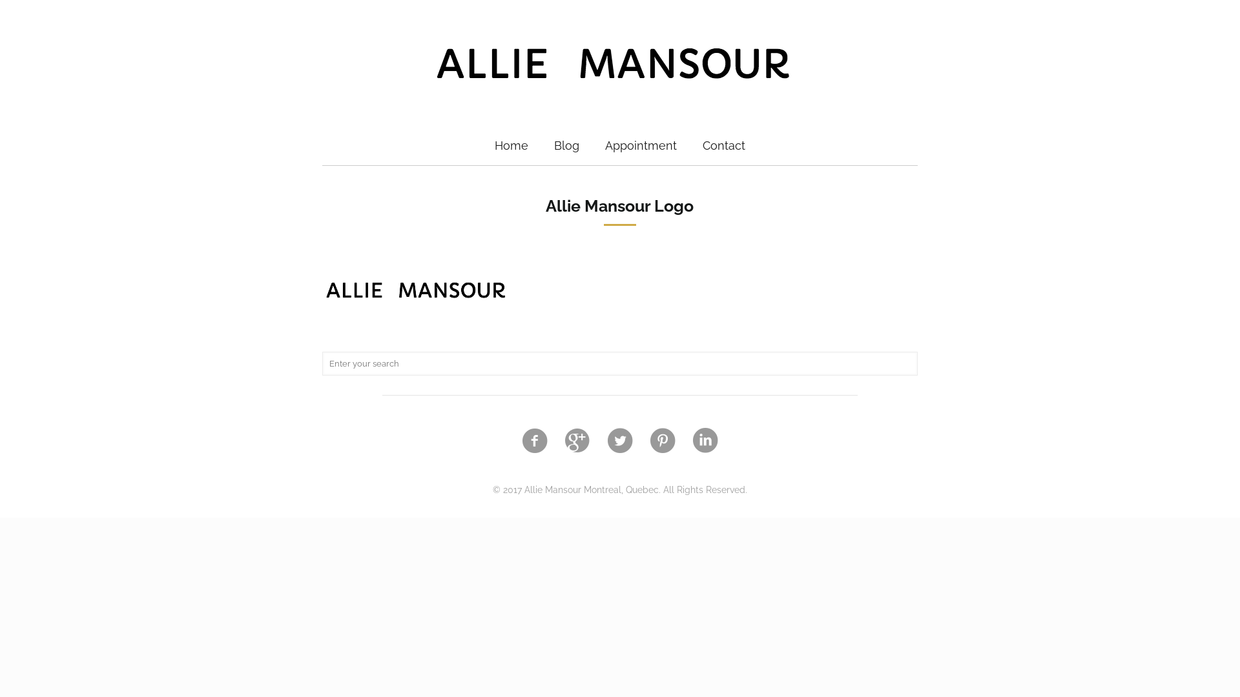 This screenshot has width=1240, height=697. Describe the element at coordinates (511, 145) in the screenshot. I see `'Home'` at that location.